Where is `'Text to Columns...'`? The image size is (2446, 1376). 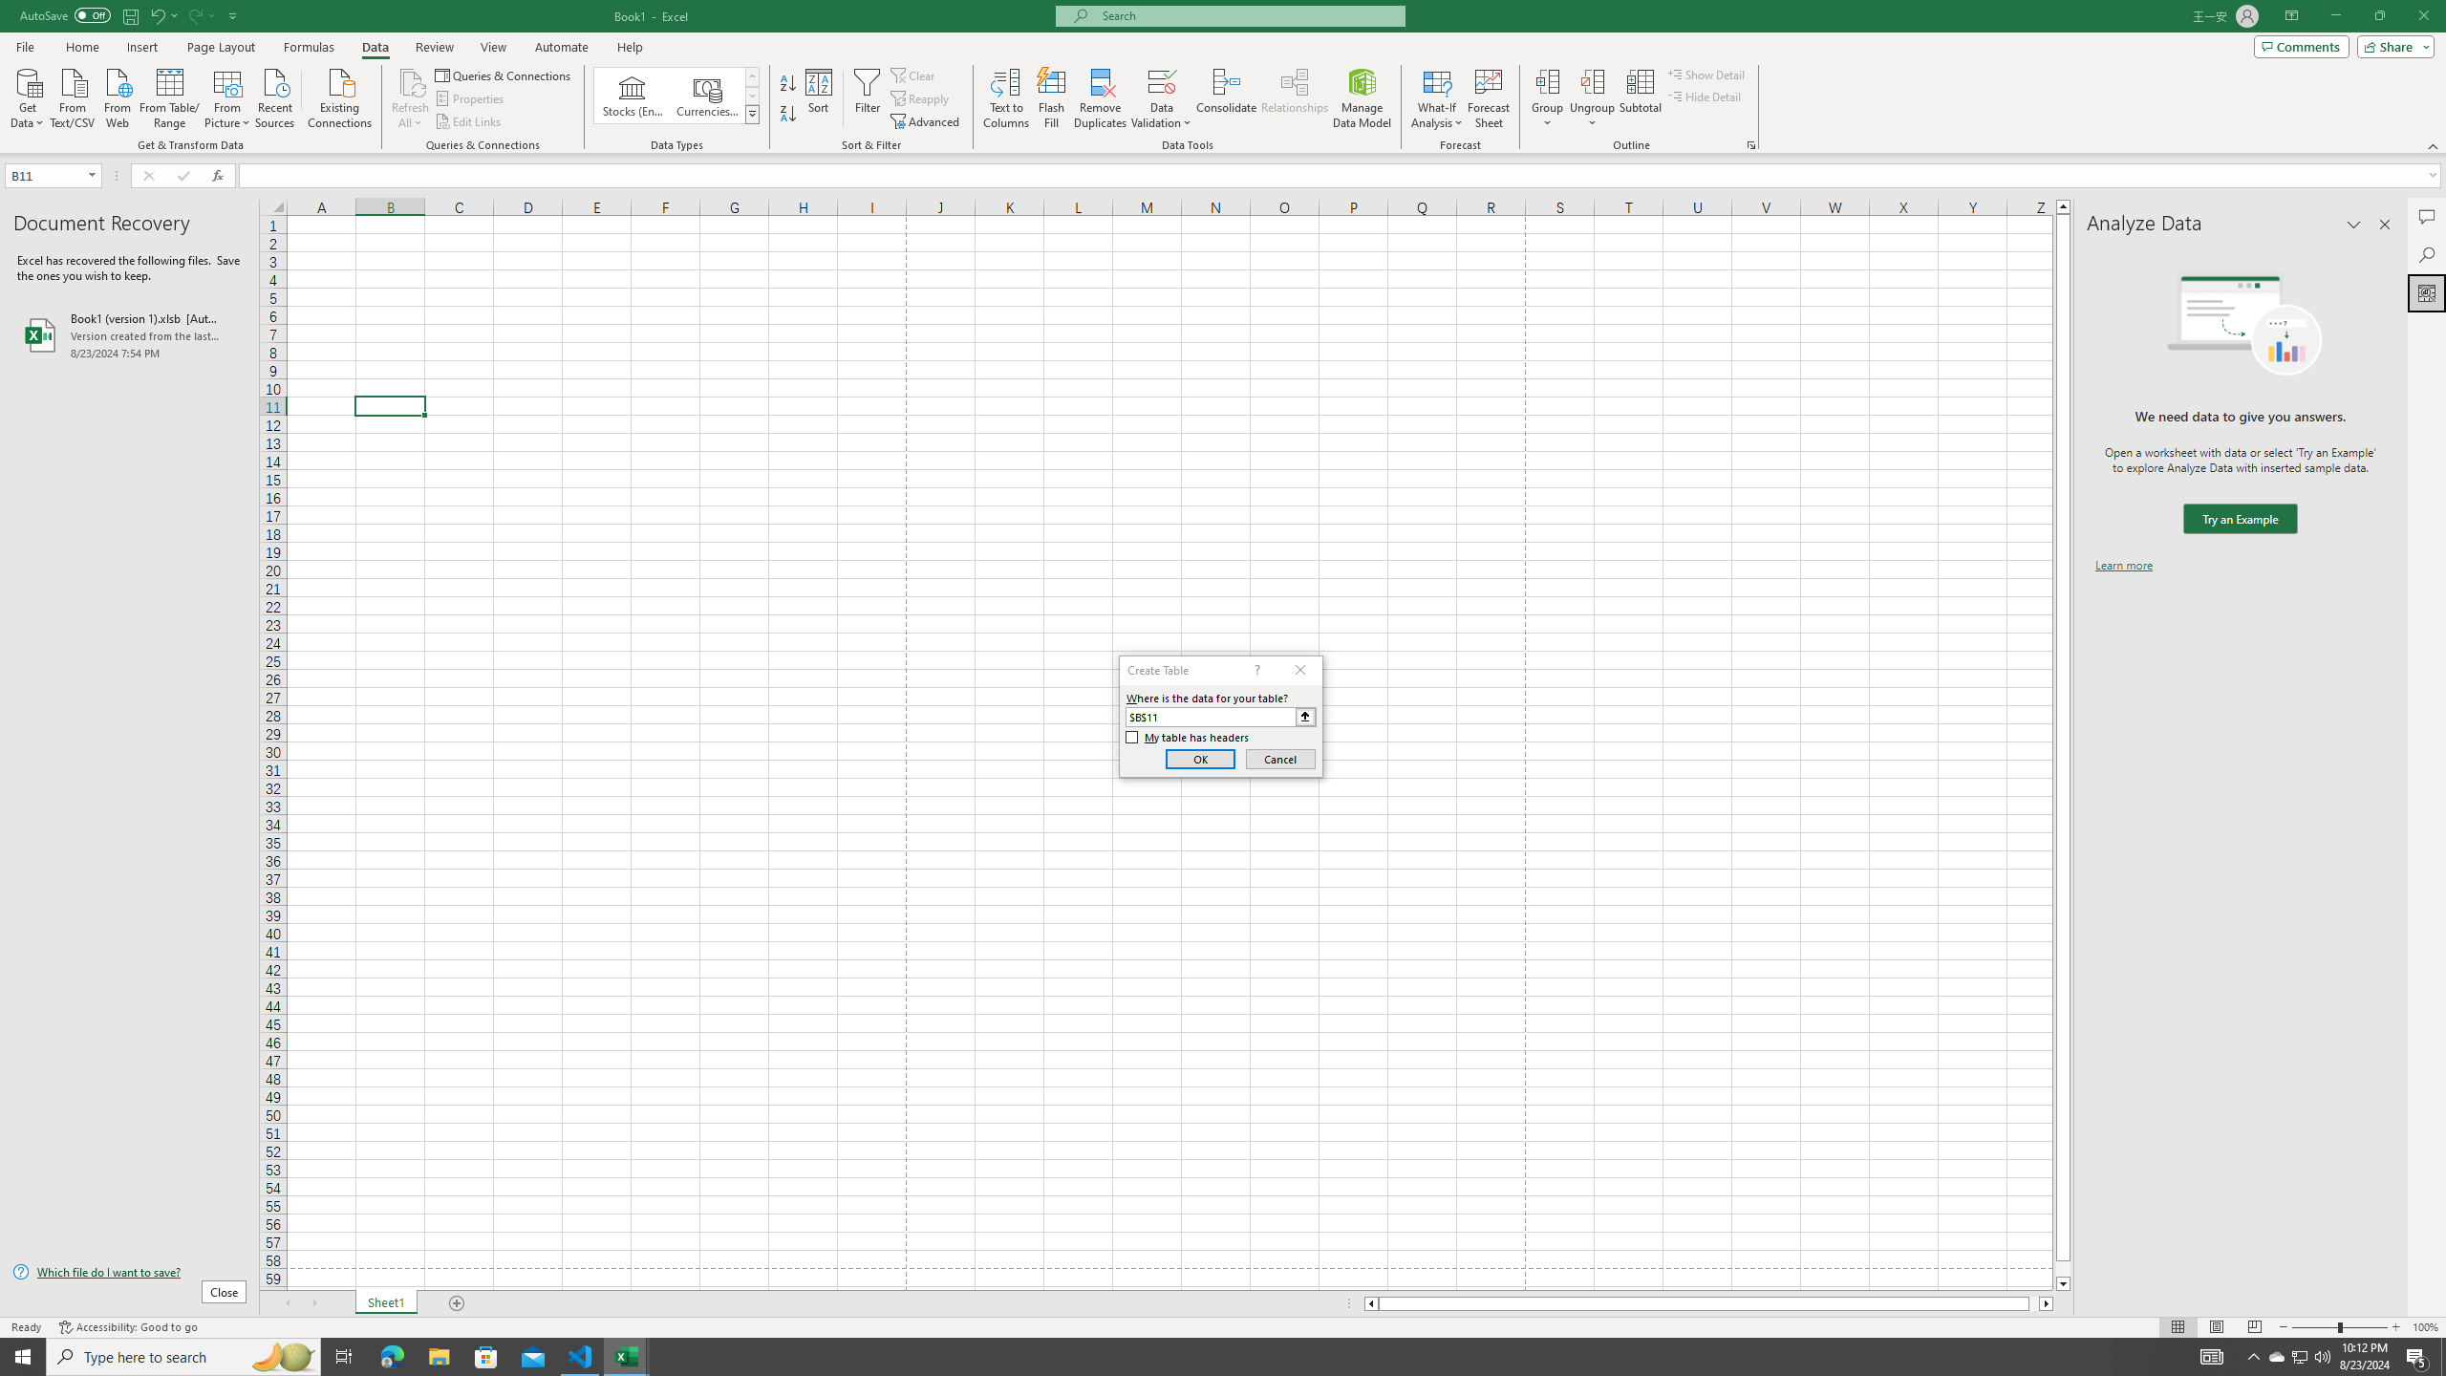 'Text to Columns...' is located at coordinates (1005, 98).